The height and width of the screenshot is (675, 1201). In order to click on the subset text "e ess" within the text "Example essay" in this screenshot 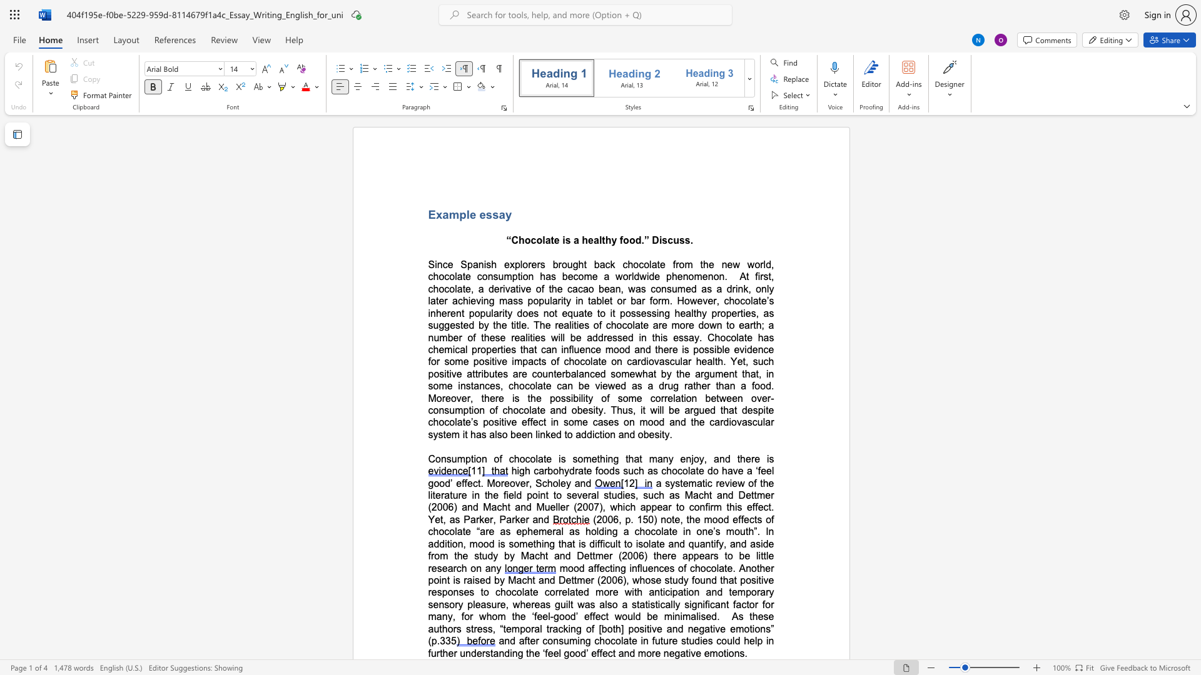, I will do `click(469, 214)`.